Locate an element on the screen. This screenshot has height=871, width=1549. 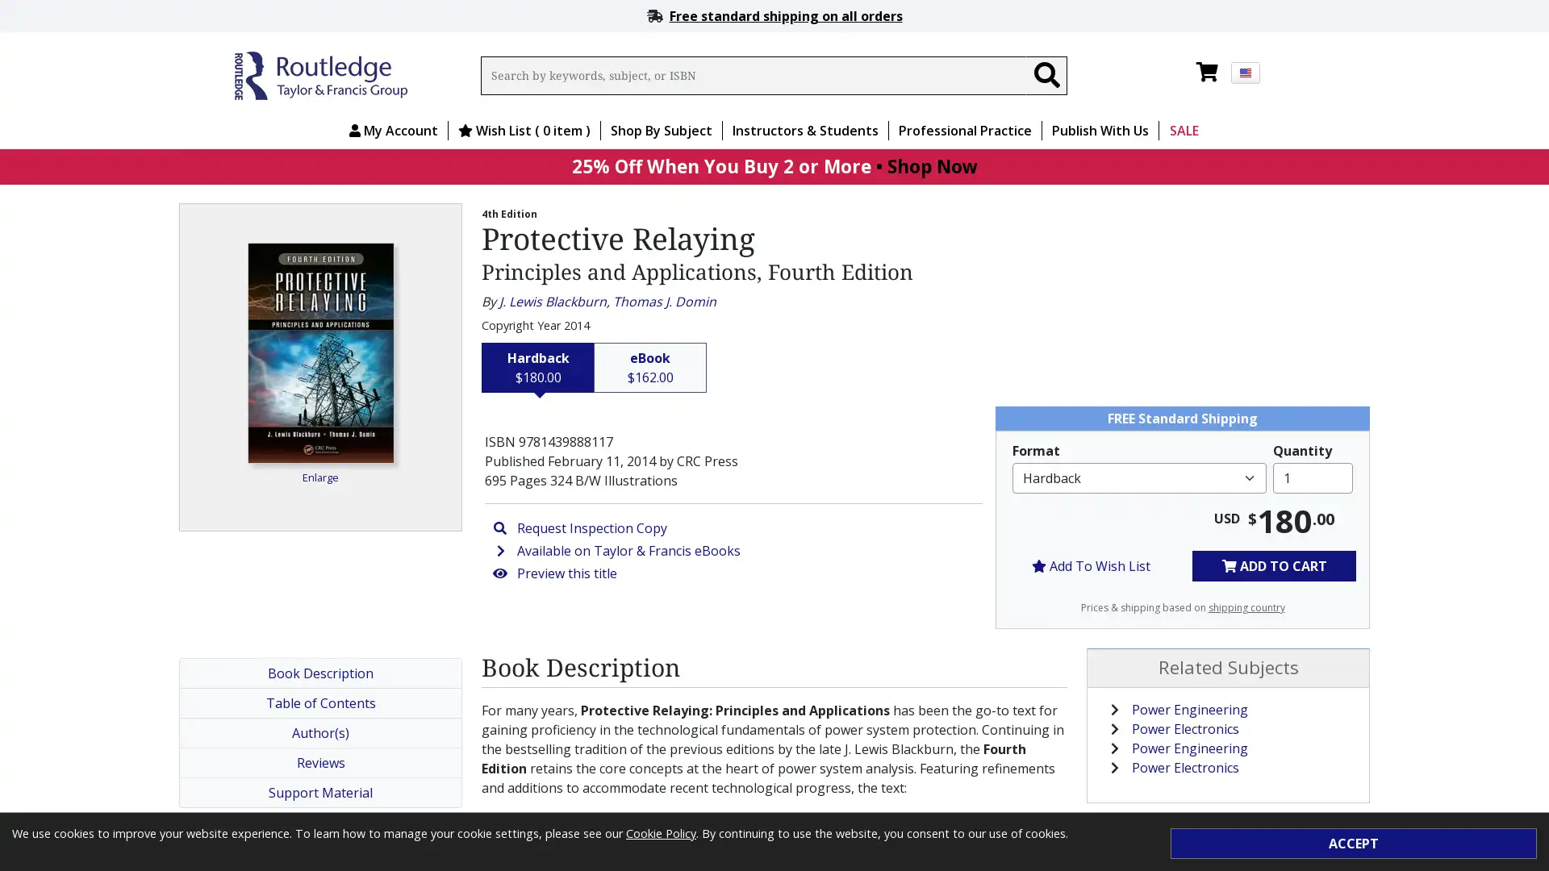
Add To Wish List is located at coordinates (1091, 565).